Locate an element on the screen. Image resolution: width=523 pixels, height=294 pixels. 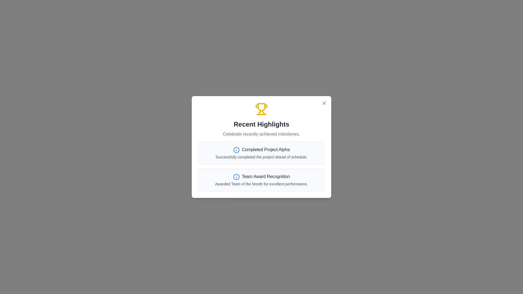
the close button located at the top-right corner of the modal is located at coordinates (324, 103).